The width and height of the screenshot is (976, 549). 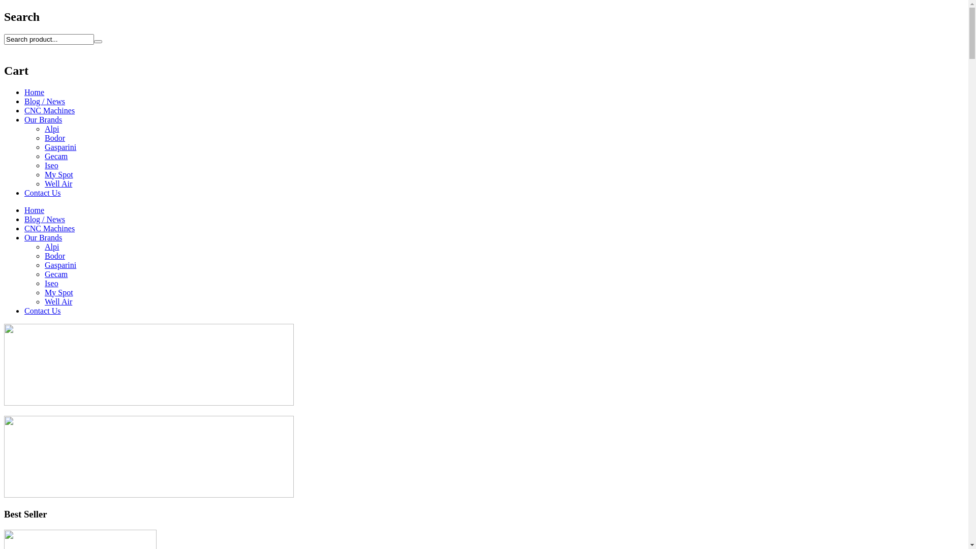 I want to click on 'Iseo', so click(x=51, y=283).